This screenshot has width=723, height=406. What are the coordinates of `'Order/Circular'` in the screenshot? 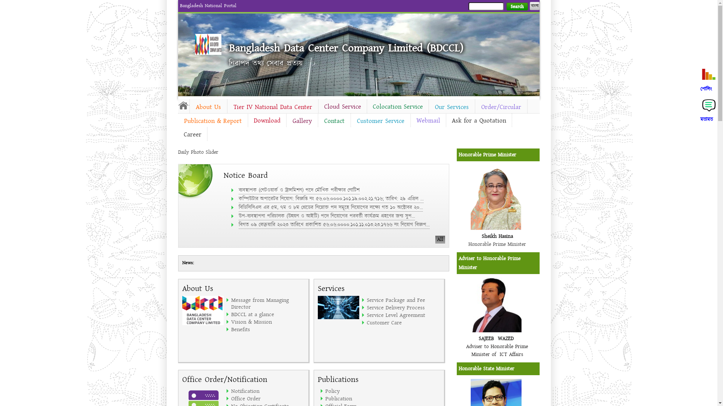 It's located at (475, 107).